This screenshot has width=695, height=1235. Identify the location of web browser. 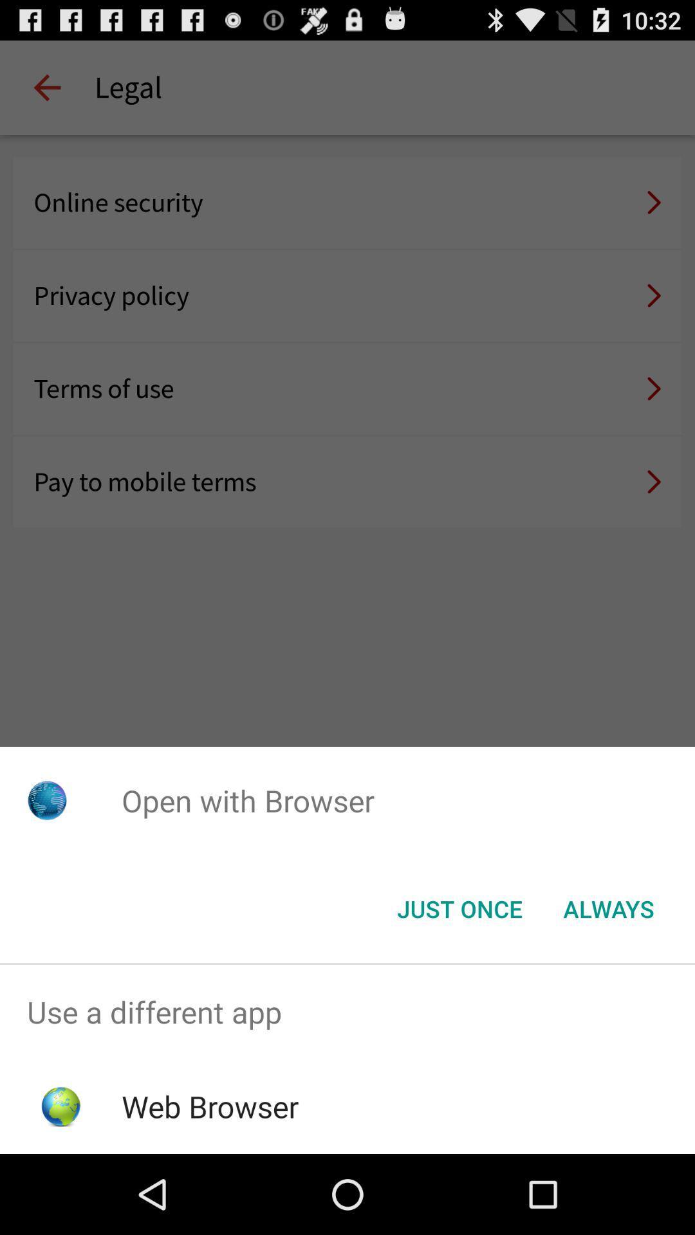
(209, 1106).